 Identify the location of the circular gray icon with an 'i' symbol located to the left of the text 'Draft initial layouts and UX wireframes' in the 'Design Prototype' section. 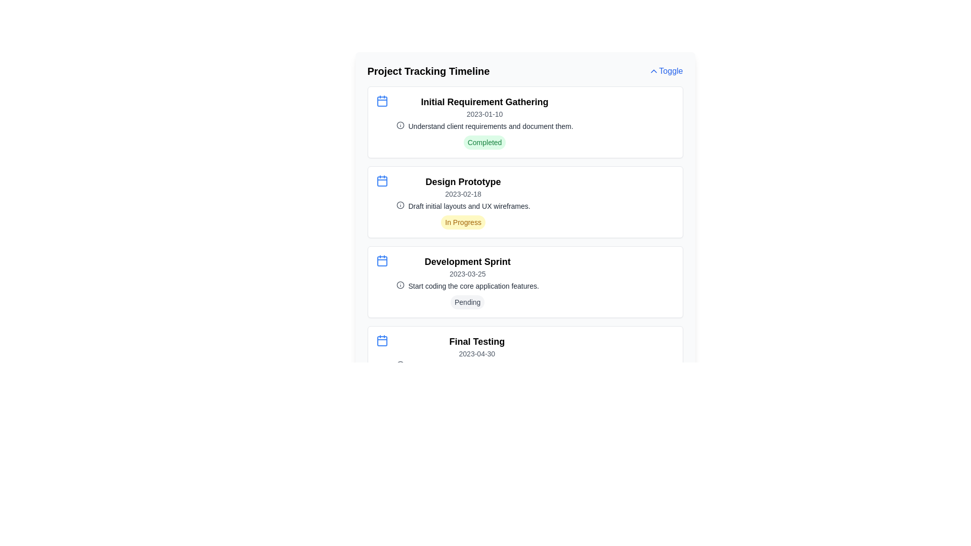
(400, 205).